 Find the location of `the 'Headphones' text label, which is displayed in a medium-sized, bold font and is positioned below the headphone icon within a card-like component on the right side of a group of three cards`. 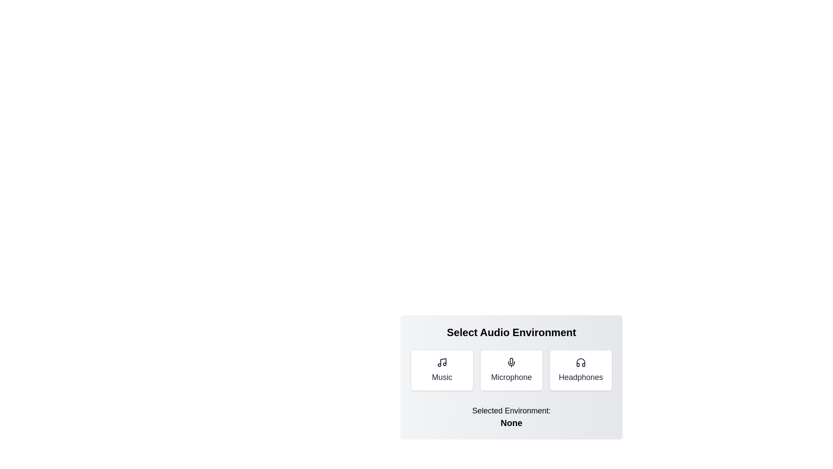

the 'Headphones' text label, which is displayed in a medium-sized, bold font and is positioned below the headphone icon within a card-like component on the right side of a group of three cards is located at coordinates (581, 377).